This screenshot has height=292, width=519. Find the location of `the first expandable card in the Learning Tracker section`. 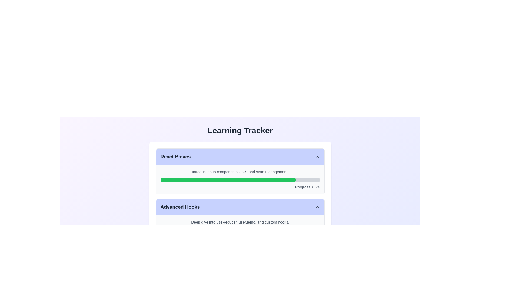

the first expandable card in the Learning Tracker section is located at coordinates (240, 171).